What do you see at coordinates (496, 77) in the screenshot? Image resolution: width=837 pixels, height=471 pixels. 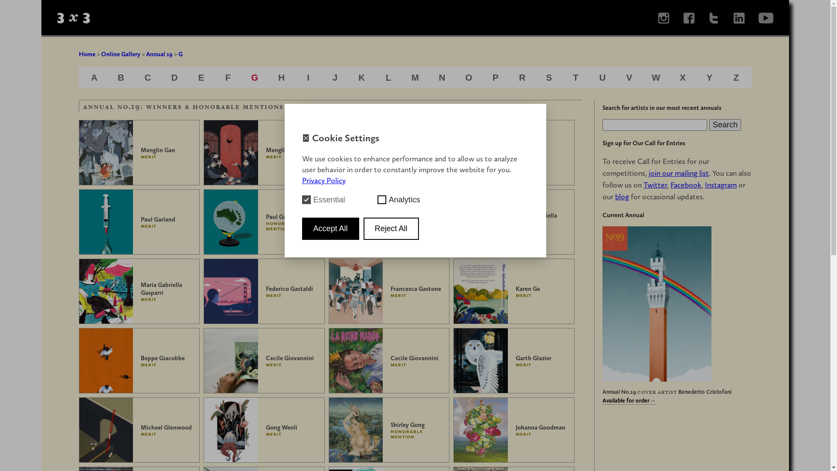 I see `'P'` at bounding box center [496, 77].